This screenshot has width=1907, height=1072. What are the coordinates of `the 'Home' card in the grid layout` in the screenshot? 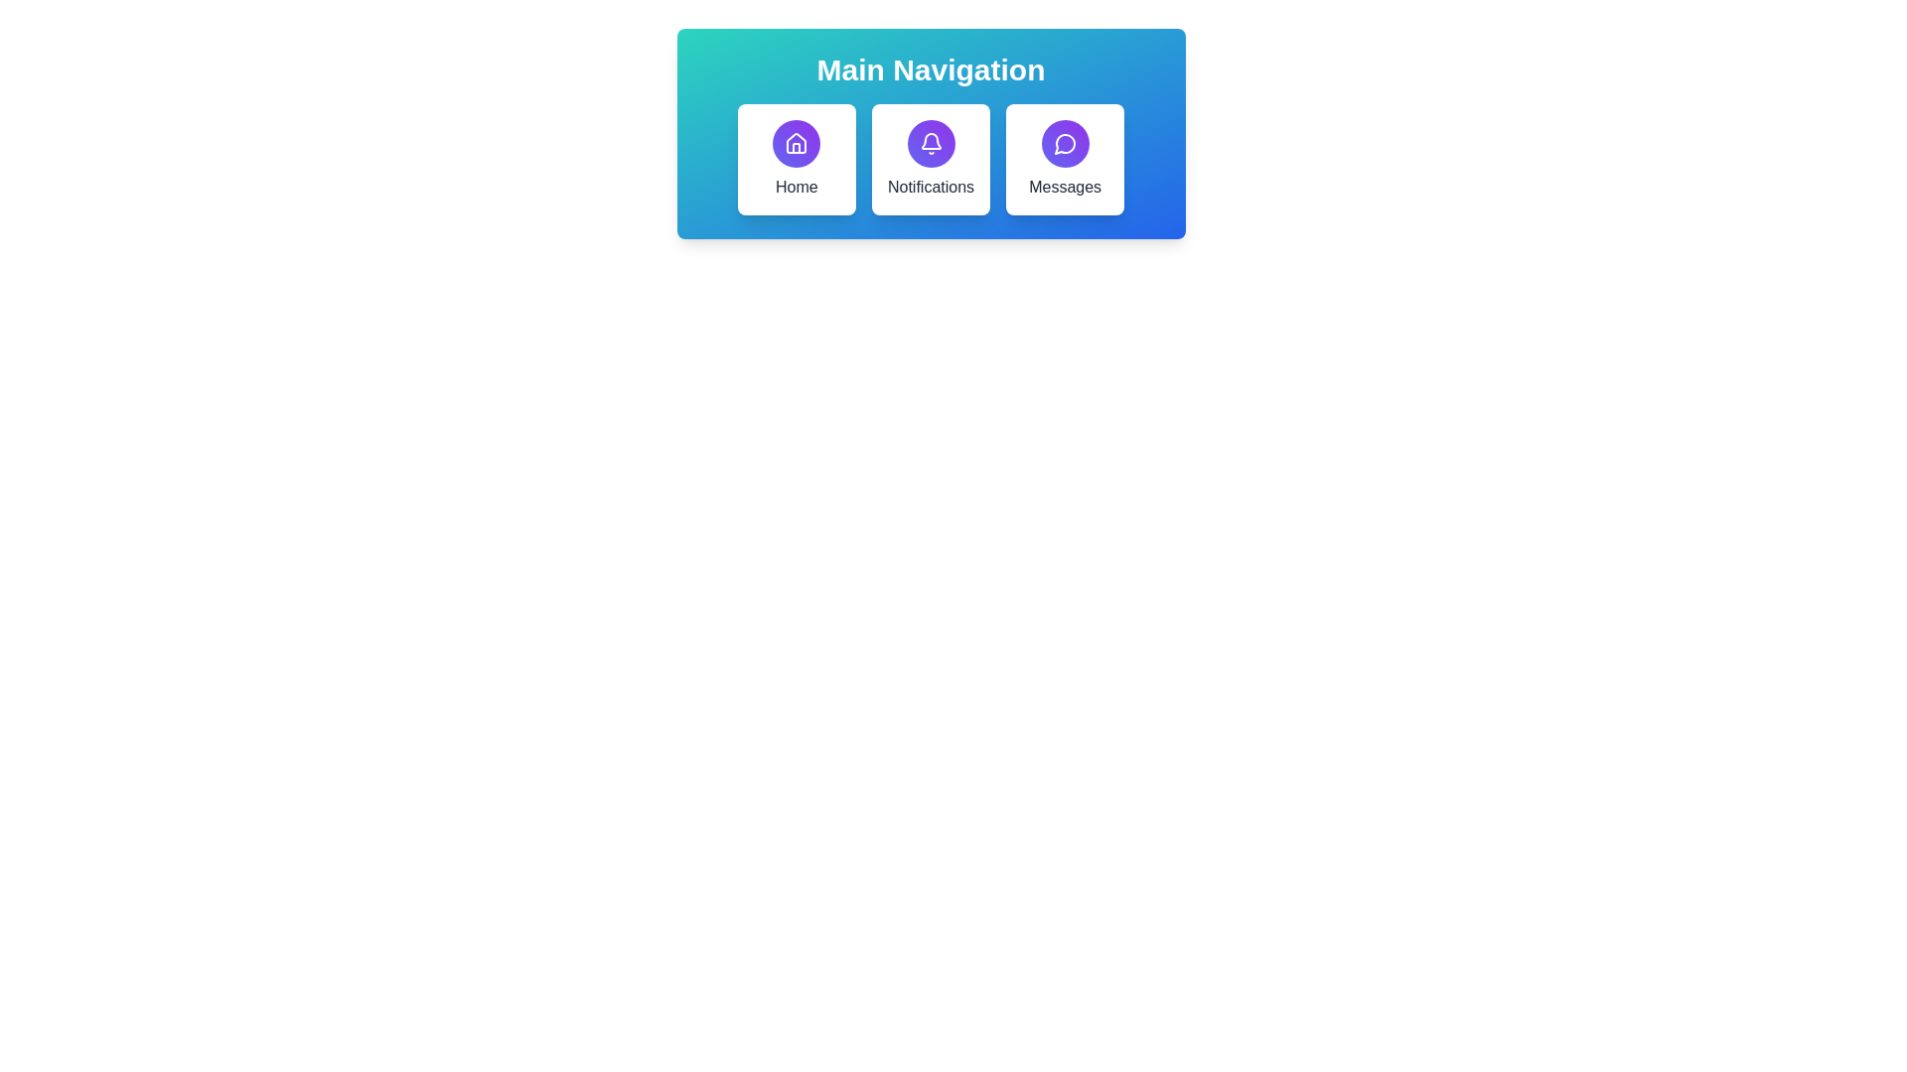 It's located at (930, 159).